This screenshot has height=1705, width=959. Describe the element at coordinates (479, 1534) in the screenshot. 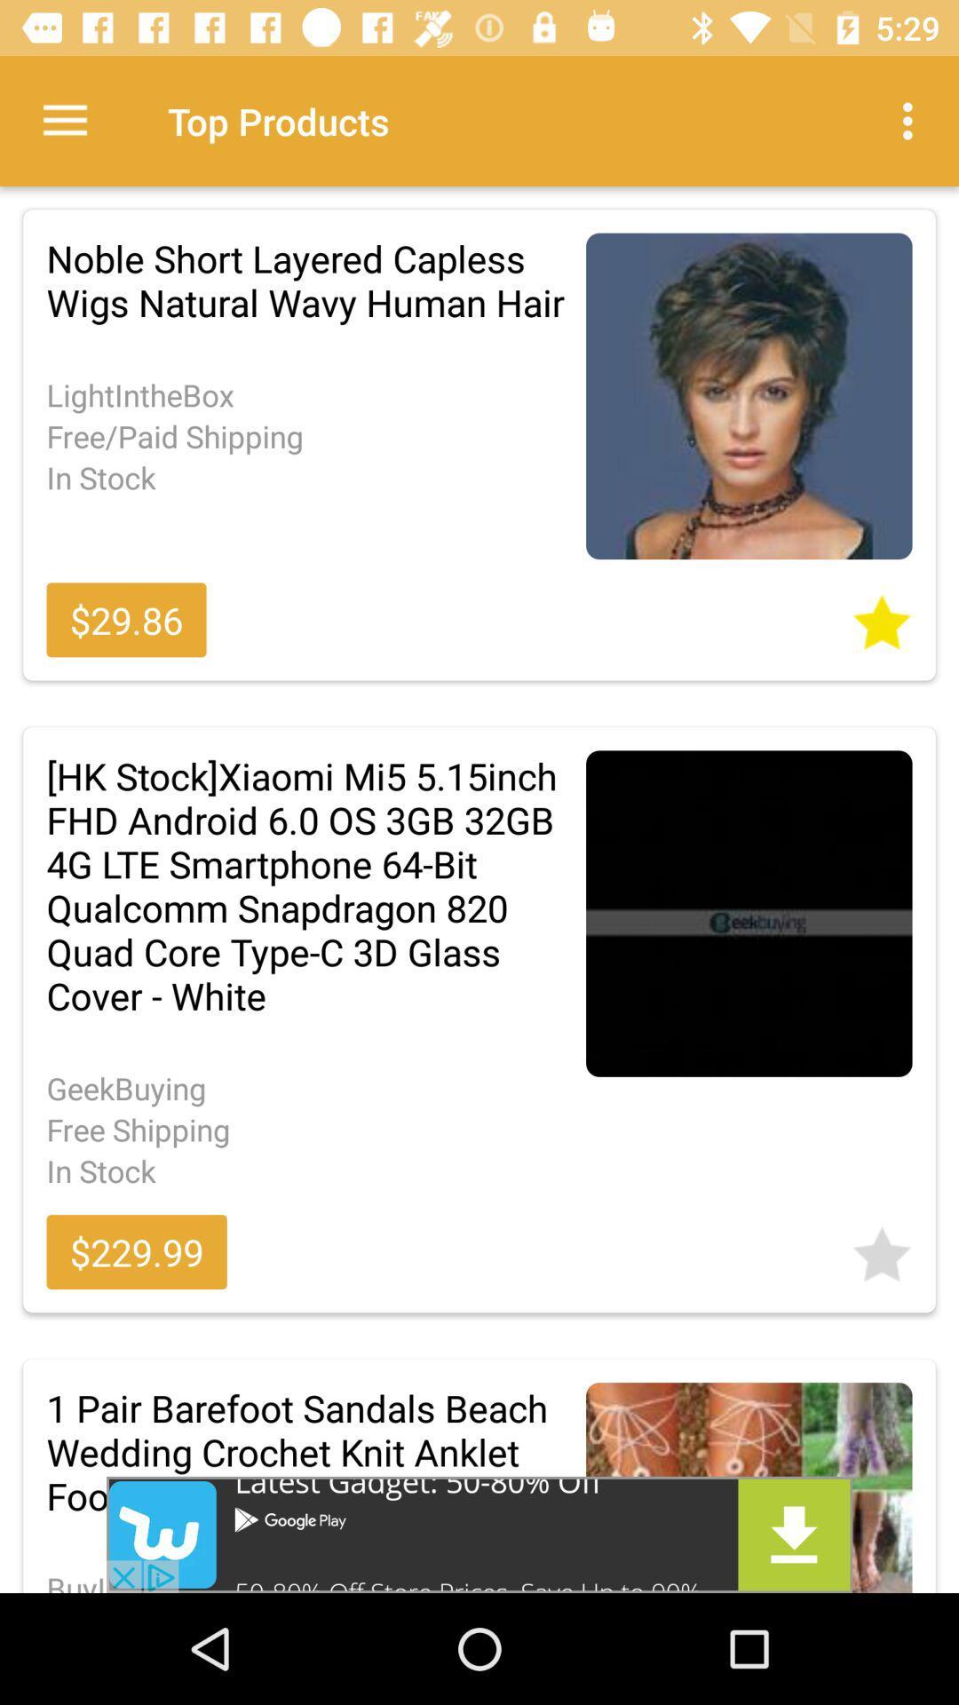

I see `download option` at that location.